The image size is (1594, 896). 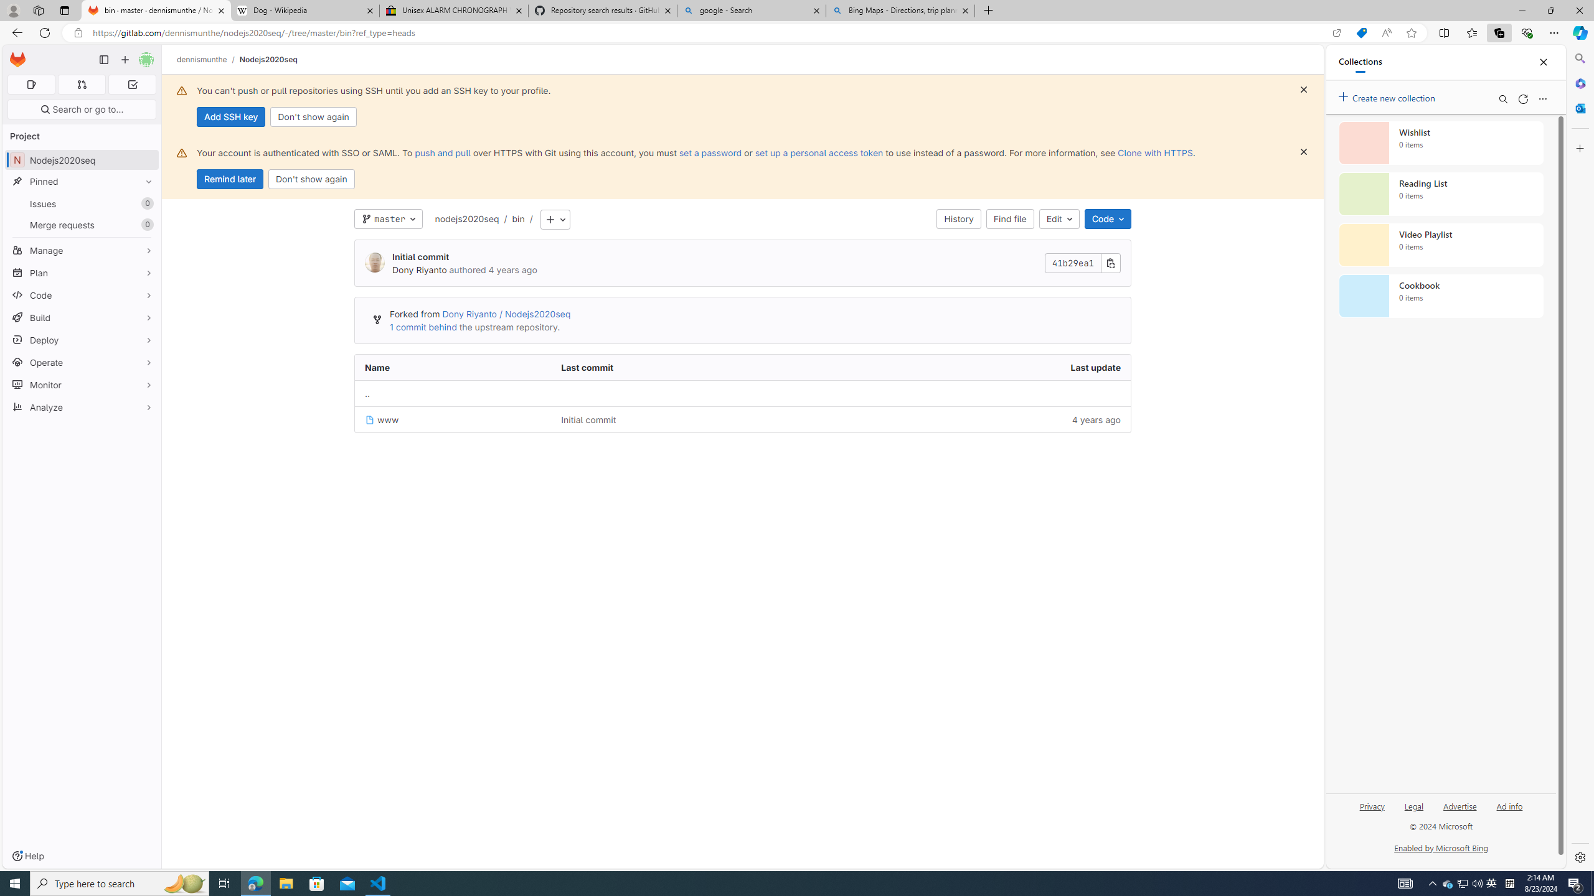 What do you see at coordinates (1336, 33) in the screenshot?
I see `'Open in app'` at bounding box center [1336, 33].